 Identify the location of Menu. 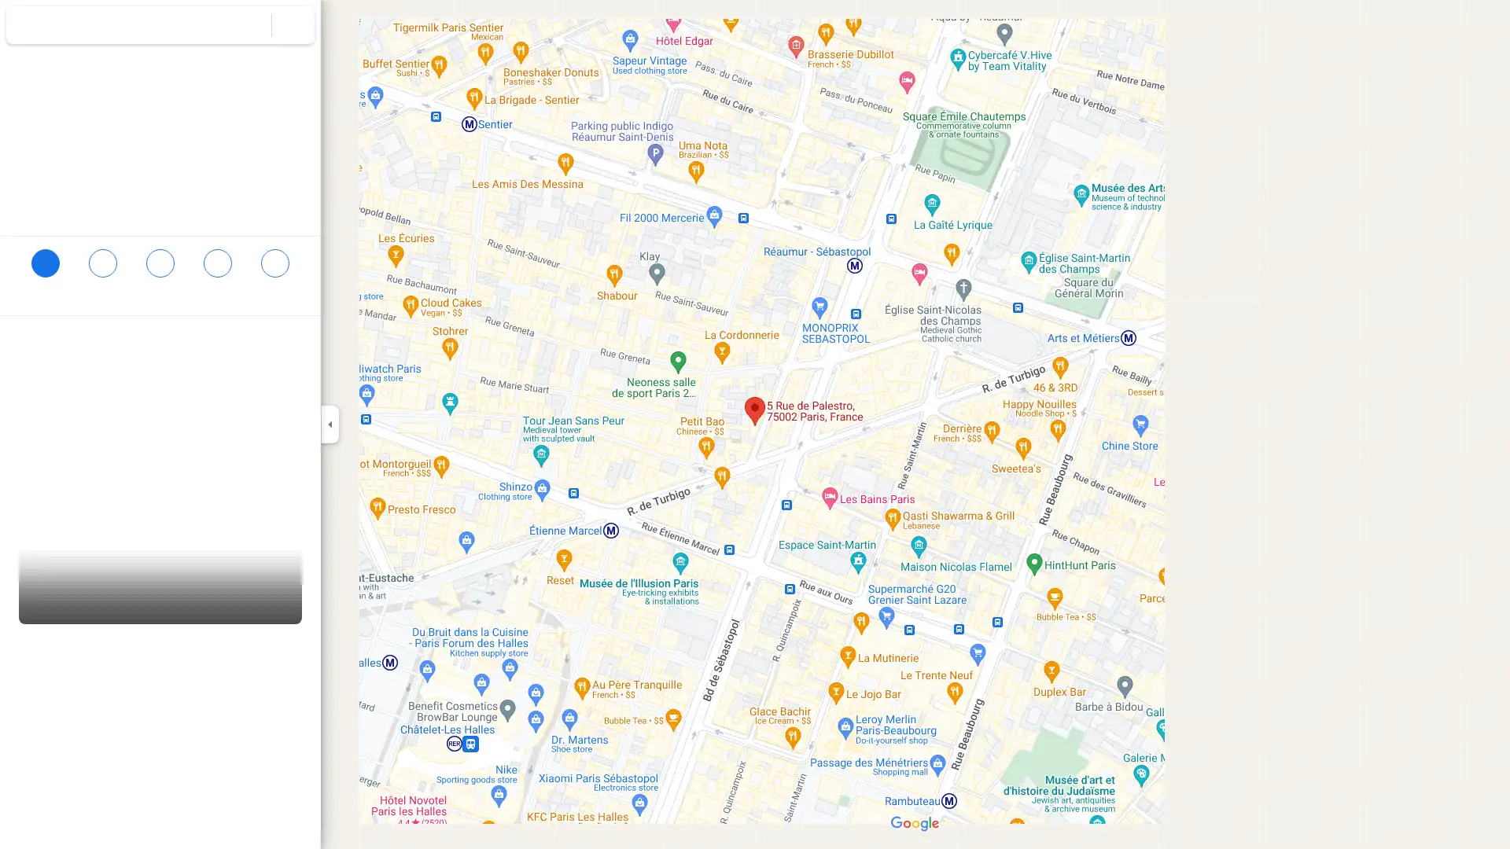
(28, 27).